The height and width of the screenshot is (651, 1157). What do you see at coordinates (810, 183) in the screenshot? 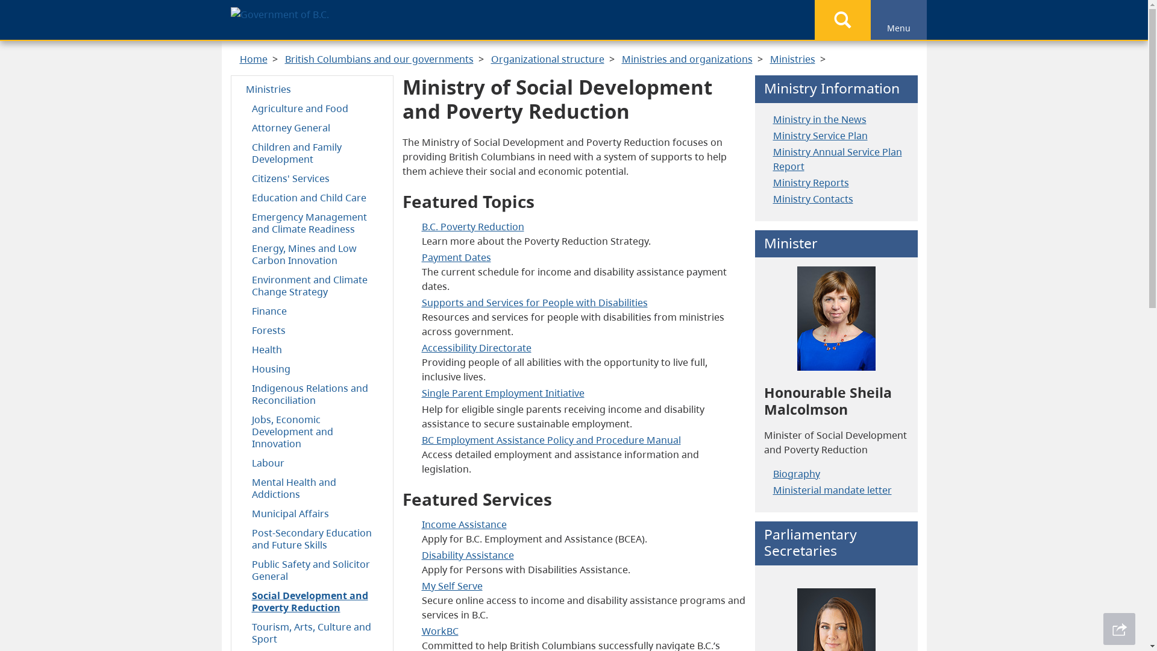
I see `'Ministry Reports'` at bounding box center [810, 183].